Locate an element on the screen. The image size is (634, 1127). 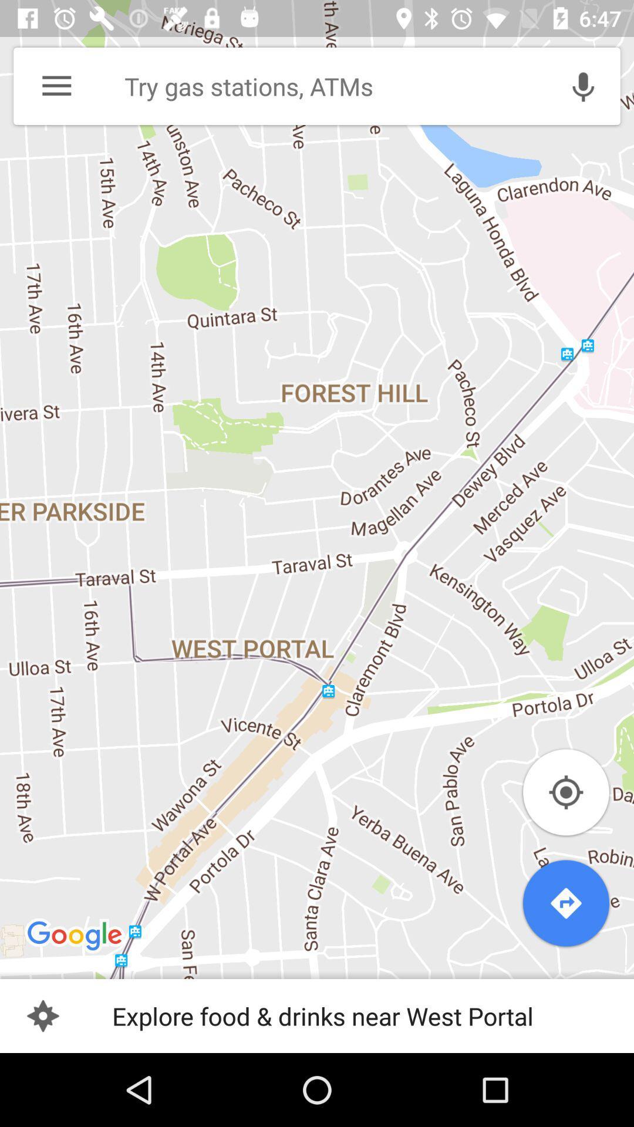
the search field right side of menu icon is located at coordinates (329, 86).